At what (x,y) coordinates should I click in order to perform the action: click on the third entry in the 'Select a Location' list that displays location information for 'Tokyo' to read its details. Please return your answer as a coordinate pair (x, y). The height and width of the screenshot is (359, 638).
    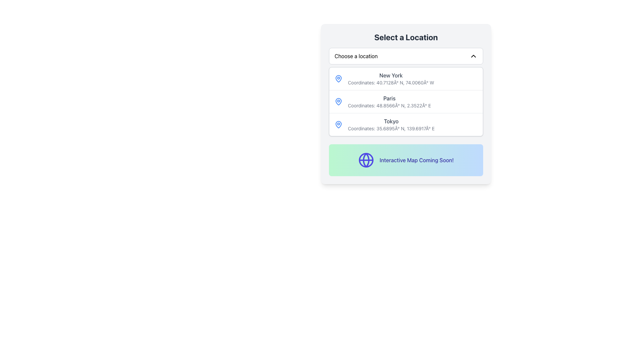
    Looking at the image, I should click on (406, 124).